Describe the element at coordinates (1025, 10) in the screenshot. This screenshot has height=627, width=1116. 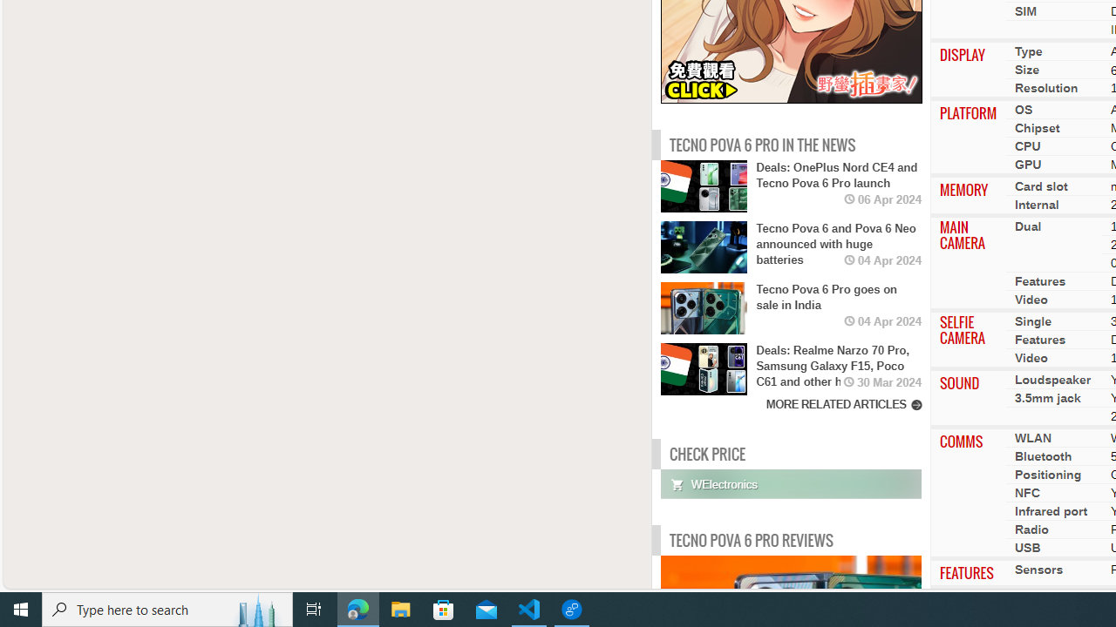
I see `'SIM'` at that location.